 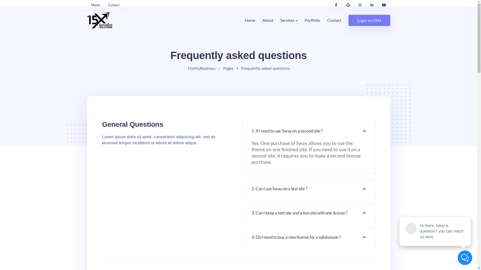 What do you see at coordinates (168, 208) in the screenshot?
I see `'Financial and Legal'` at bounding box center [168, 208].